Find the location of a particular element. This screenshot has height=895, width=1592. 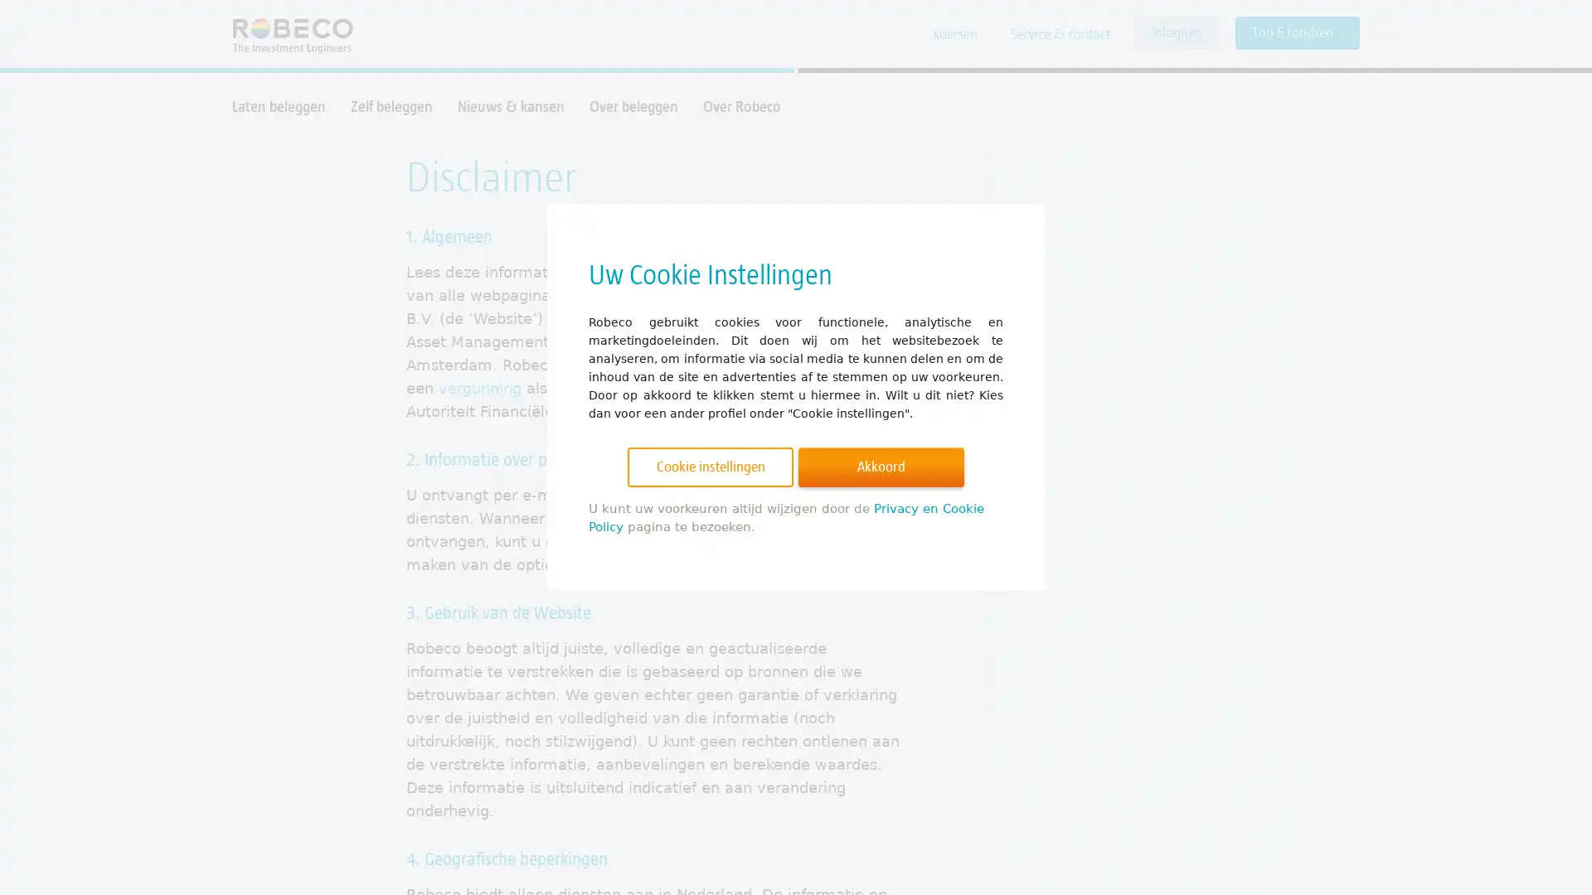

Over beleggen is located at coordinates (633, 106).